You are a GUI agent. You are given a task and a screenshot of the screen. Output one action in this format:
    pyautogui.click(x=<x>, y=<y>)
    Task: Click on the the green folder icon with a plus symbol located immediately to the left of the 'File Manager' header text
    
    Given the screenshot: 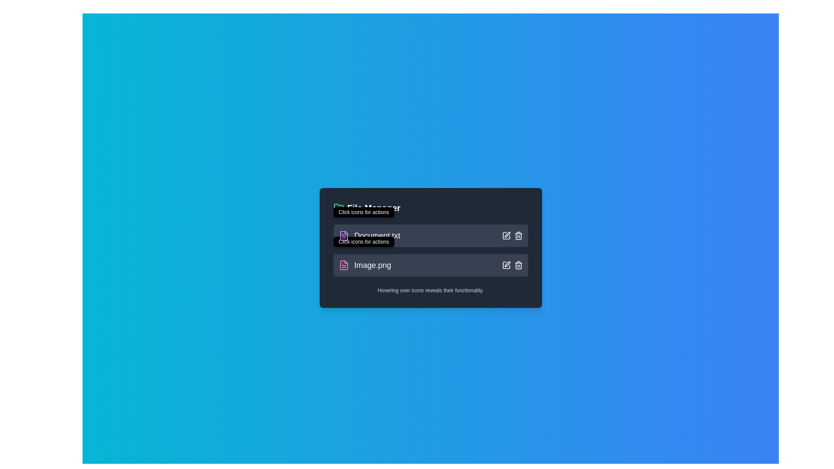 What is the action you would take?
    pyautogui.click(x=338, y=208)
    